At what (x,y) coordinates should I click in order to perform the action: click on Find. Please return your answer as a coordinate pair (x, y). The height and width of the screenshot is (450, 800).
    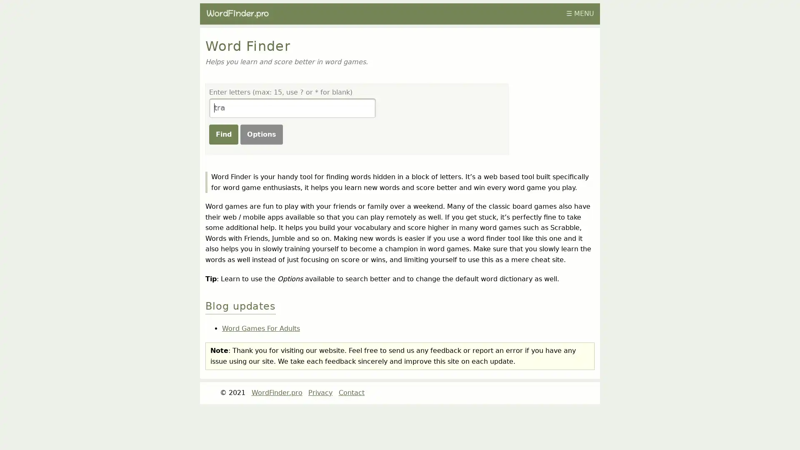
    Looking at the image, I should click on (223, 133).